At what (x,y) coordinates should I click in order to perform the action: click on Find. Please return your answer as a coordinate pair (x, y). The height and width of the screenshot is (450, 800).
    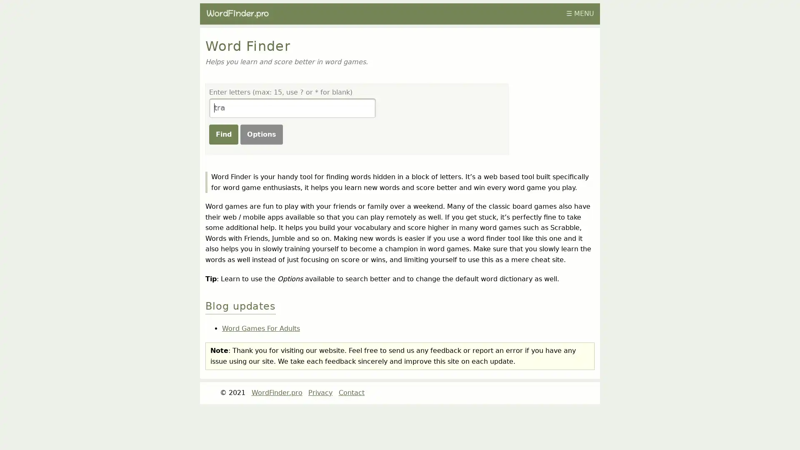
    Looking at the image, I should click on (223, 133).